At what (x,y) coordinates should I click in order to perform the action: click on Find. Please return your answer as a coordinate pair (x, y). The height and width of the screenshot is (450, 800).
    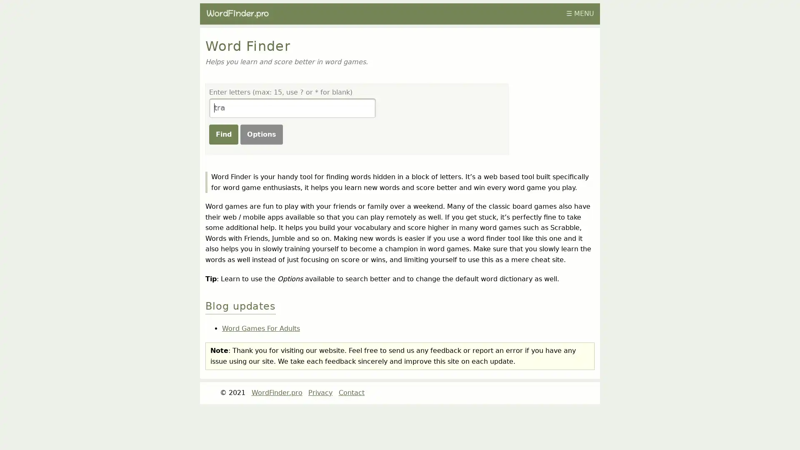
    Looking at the image, I should click on (223, 133).